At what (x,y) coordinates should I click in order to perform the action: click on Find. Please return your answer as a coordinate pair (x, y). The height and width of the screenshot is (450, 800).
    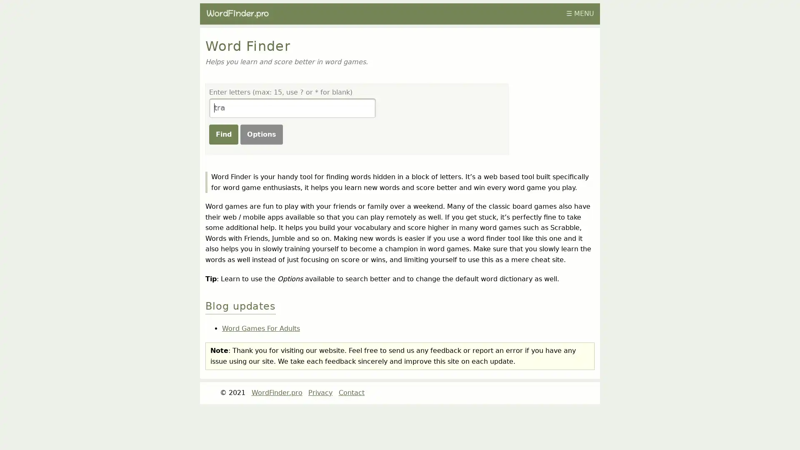
    Looking at the image, I should click on (223, 133).